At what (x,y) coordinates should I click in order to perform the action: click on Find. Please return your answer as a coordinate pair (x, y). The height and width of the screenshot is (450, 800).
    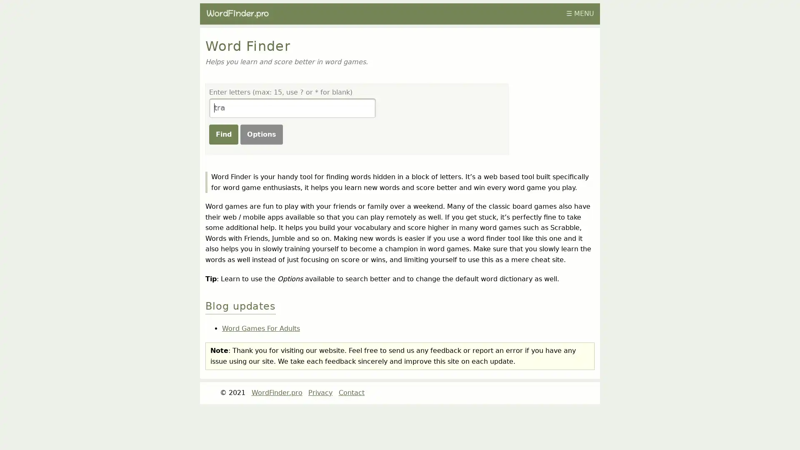
    Looking at the image, I should click on (223, 133).